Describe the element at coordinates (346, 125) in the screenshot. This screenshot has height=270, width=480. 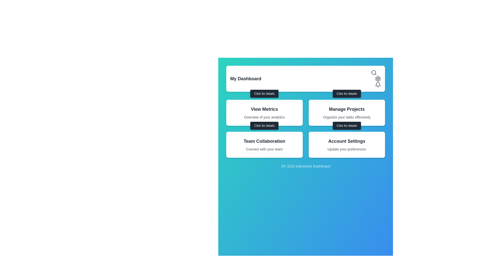
I see `the informational tooltip with a dark background and white text that reads 'Click for details', located above the 'Account Settings' section in the bottom-right of the main interface` at that location.